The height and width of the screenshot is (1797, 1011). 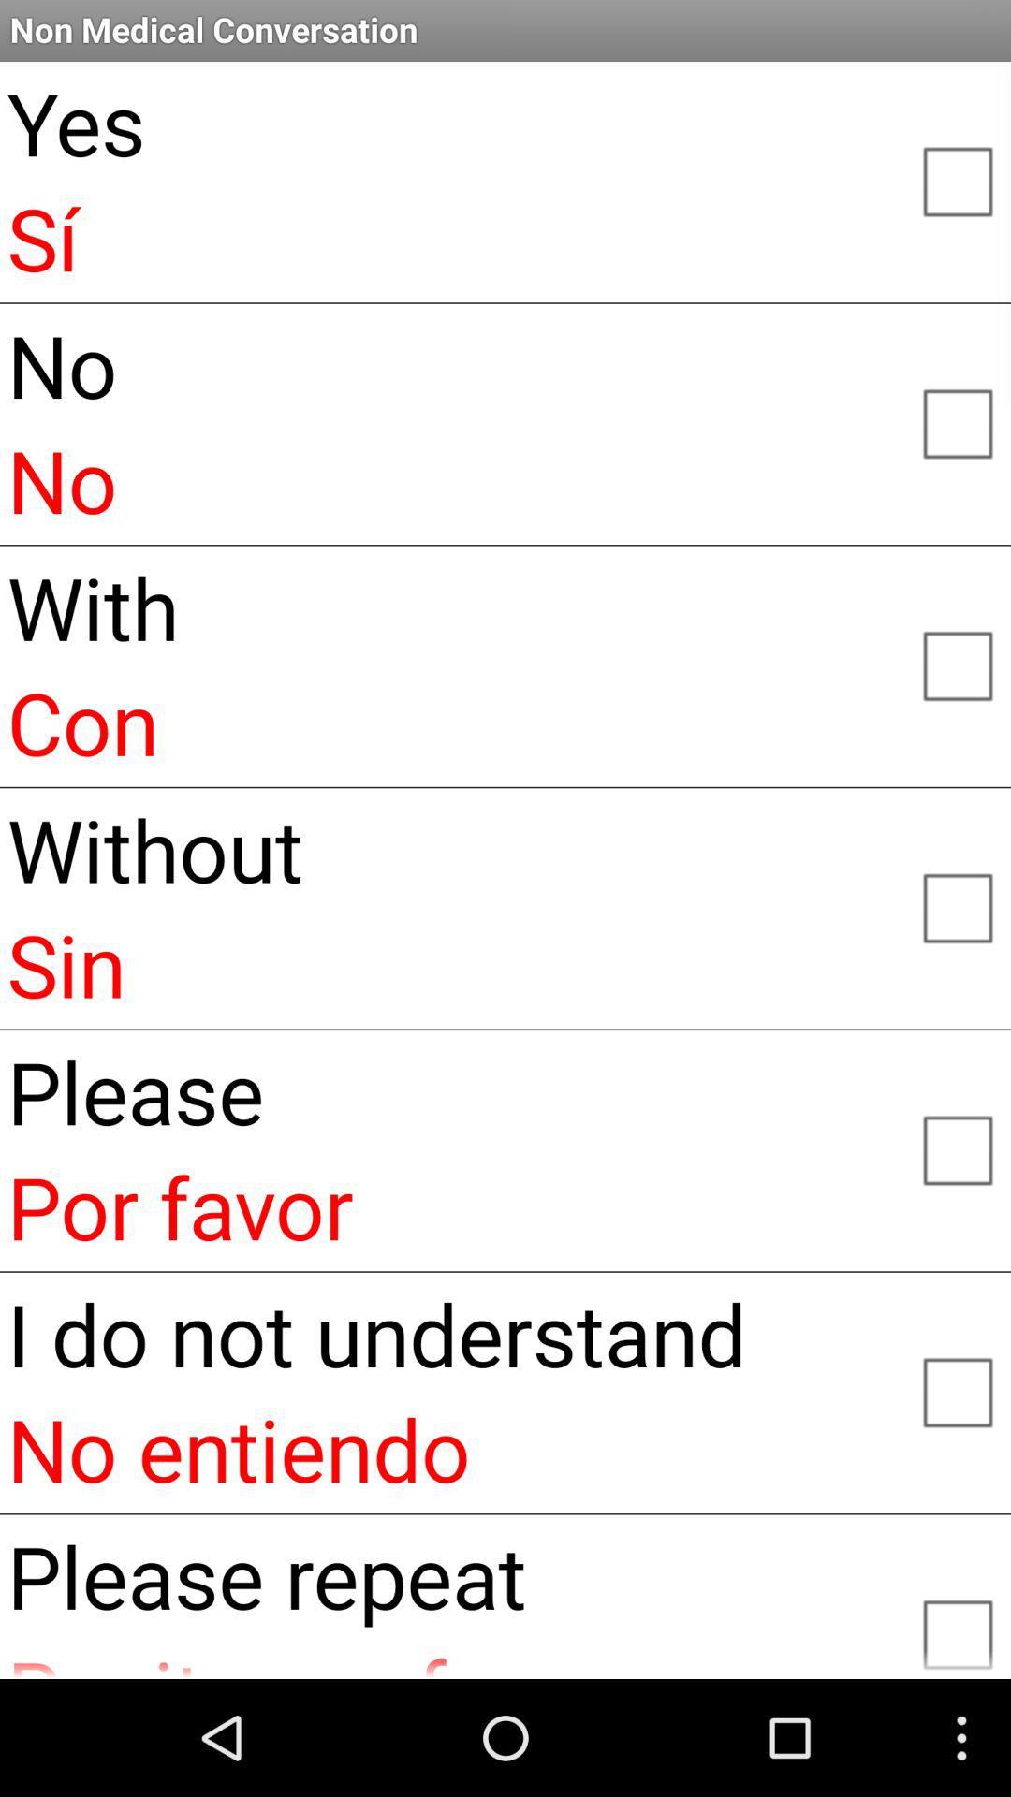 What do you see at coordinates (957, 907) in the screenshot?
I see `check/uncheck` at bounding box center [957, 907].